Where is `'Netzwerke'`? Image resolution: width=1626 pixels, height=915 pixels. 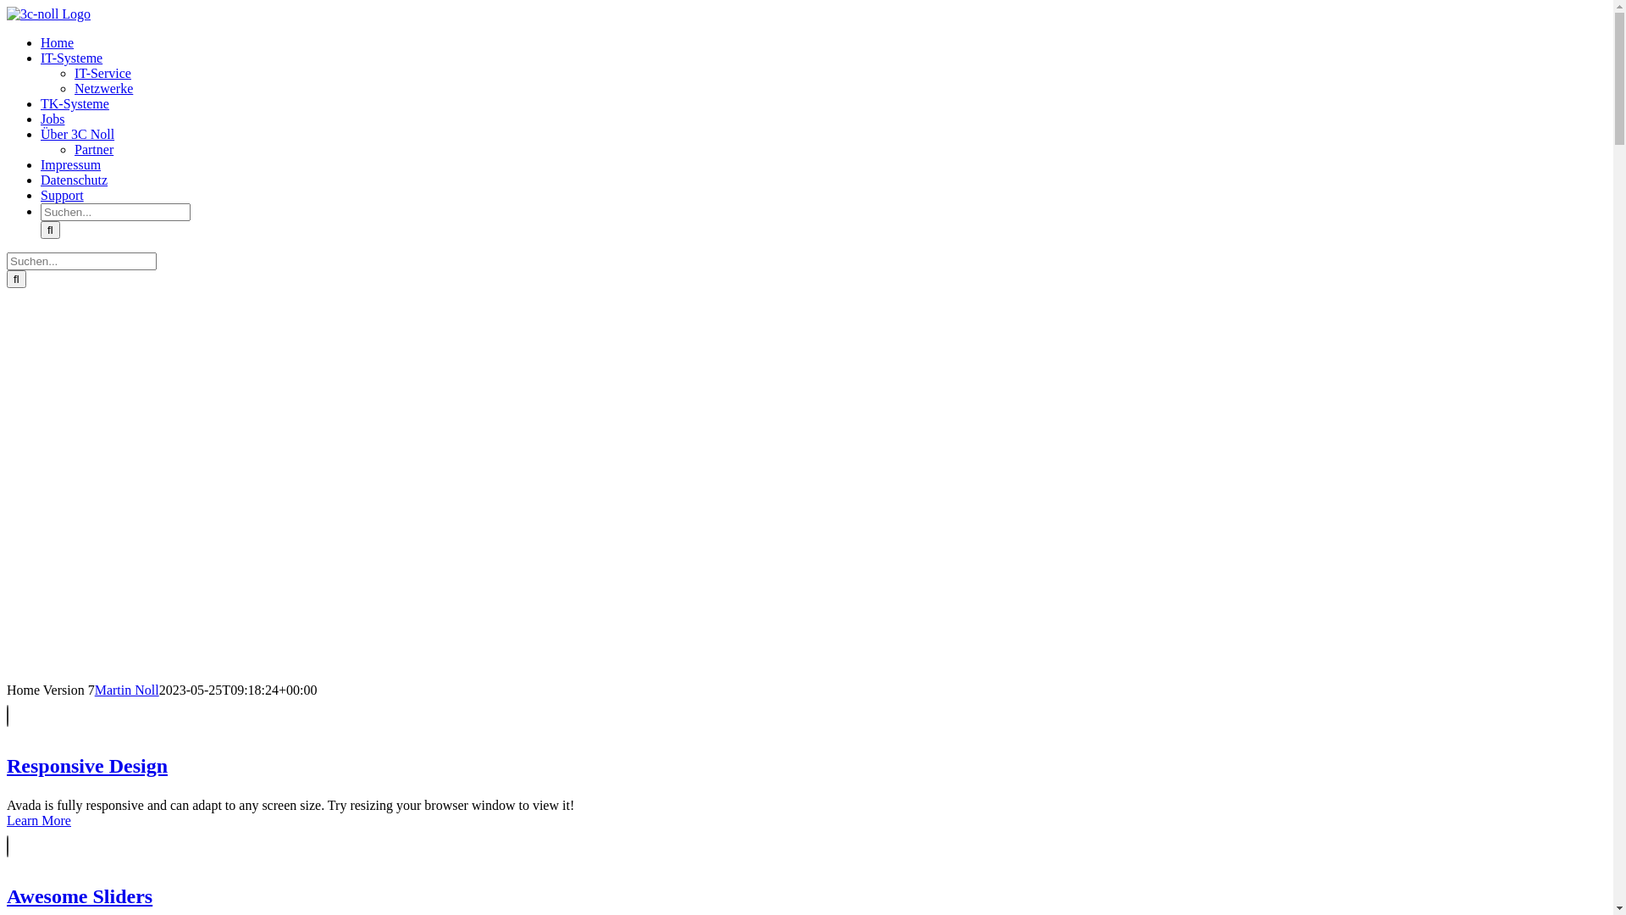 'Netzwerke' is located at coordinates (102, 88).